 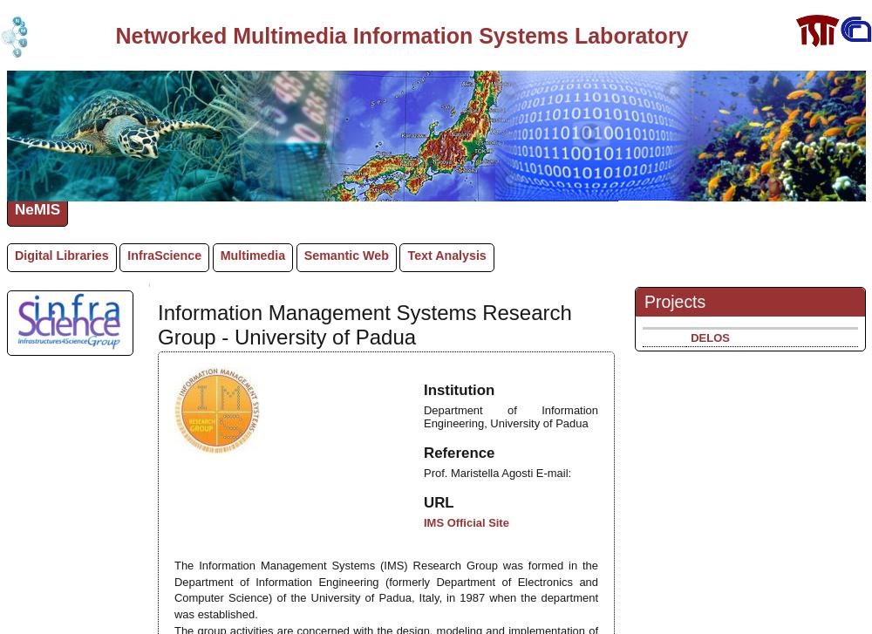 I want to click on 'Semantic Web', so click(x=345, y=255).